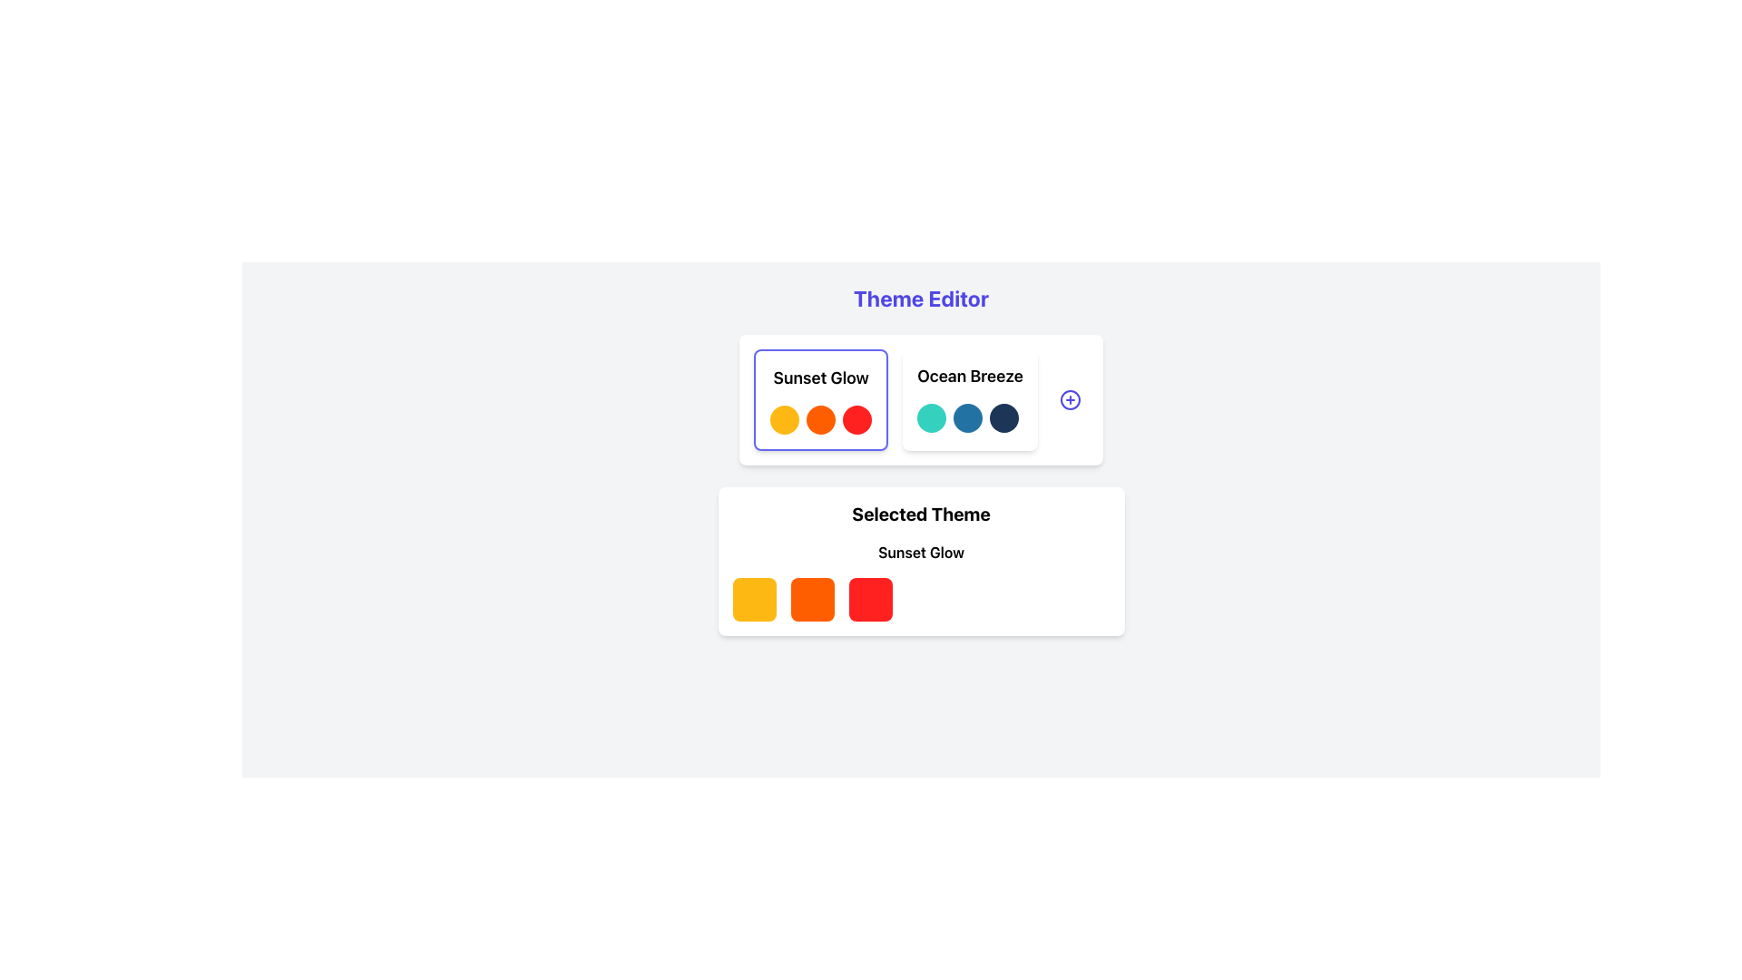  What do you see at coordinates (932, 418) in the screenshot?
I see `the first teal circular decorative element in the horizontal sequence located on the right side of the 'Ocean Breeze' card` at bounding box center [932, 418].